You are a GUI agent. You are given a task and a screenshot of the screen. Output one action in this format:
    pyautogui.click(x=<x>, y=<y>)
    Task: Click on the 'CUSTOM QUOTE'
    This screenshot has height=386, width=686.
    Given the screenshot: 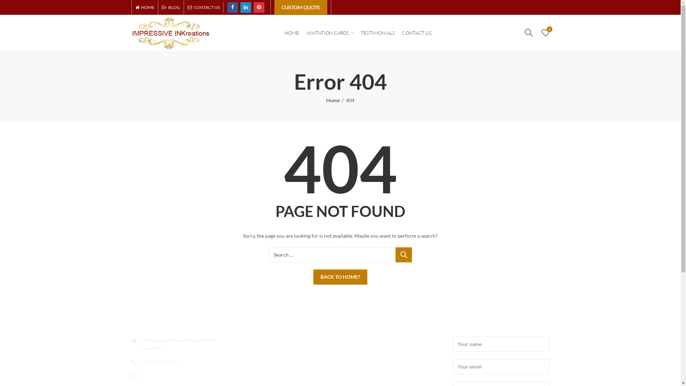 What is the action you would take?
    pyautogui.click(x=300, y=7)
    